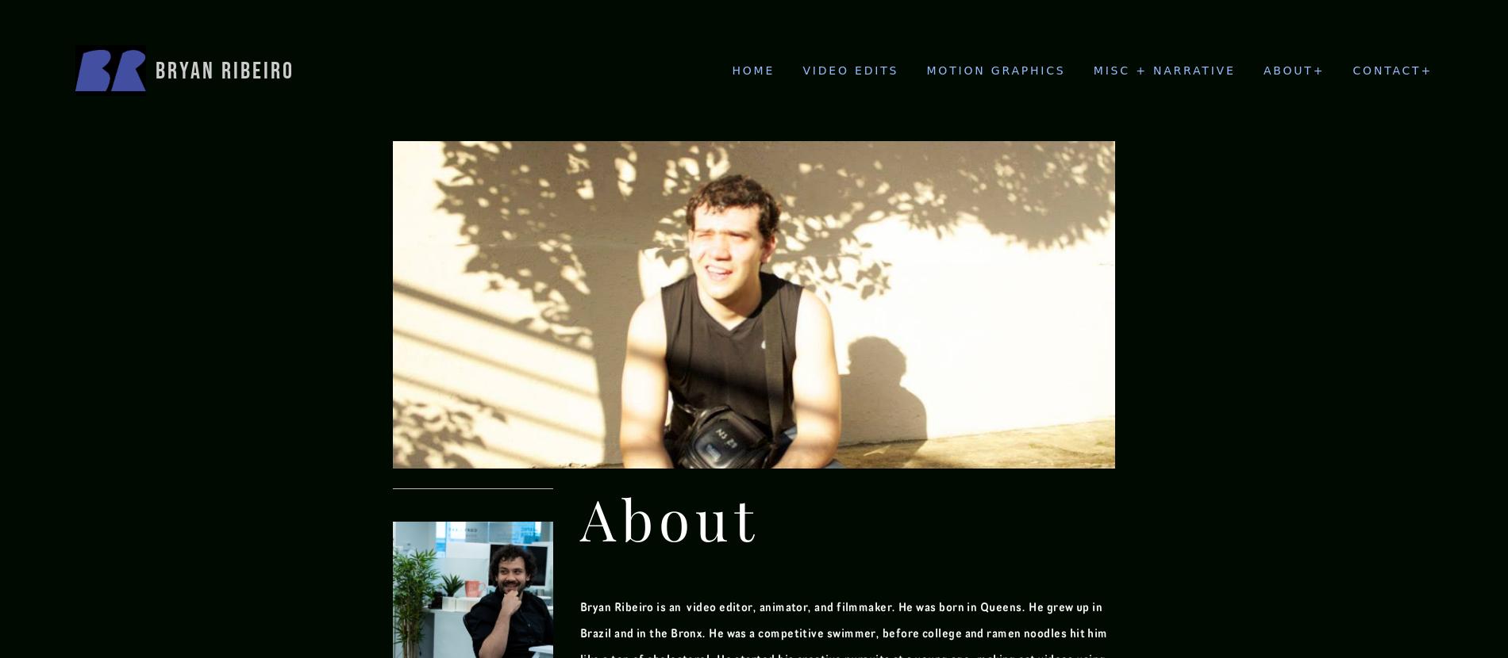 The image size is (1508, 658). I want to click on 'All', so click(1106, 164).